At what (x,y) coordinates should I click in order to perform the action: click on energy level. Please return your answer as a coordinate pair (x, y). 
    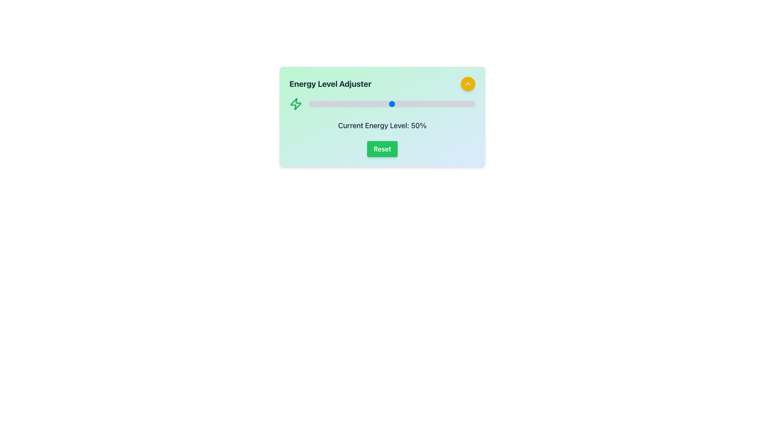
    Looking at the image, I should click on (445, 103).